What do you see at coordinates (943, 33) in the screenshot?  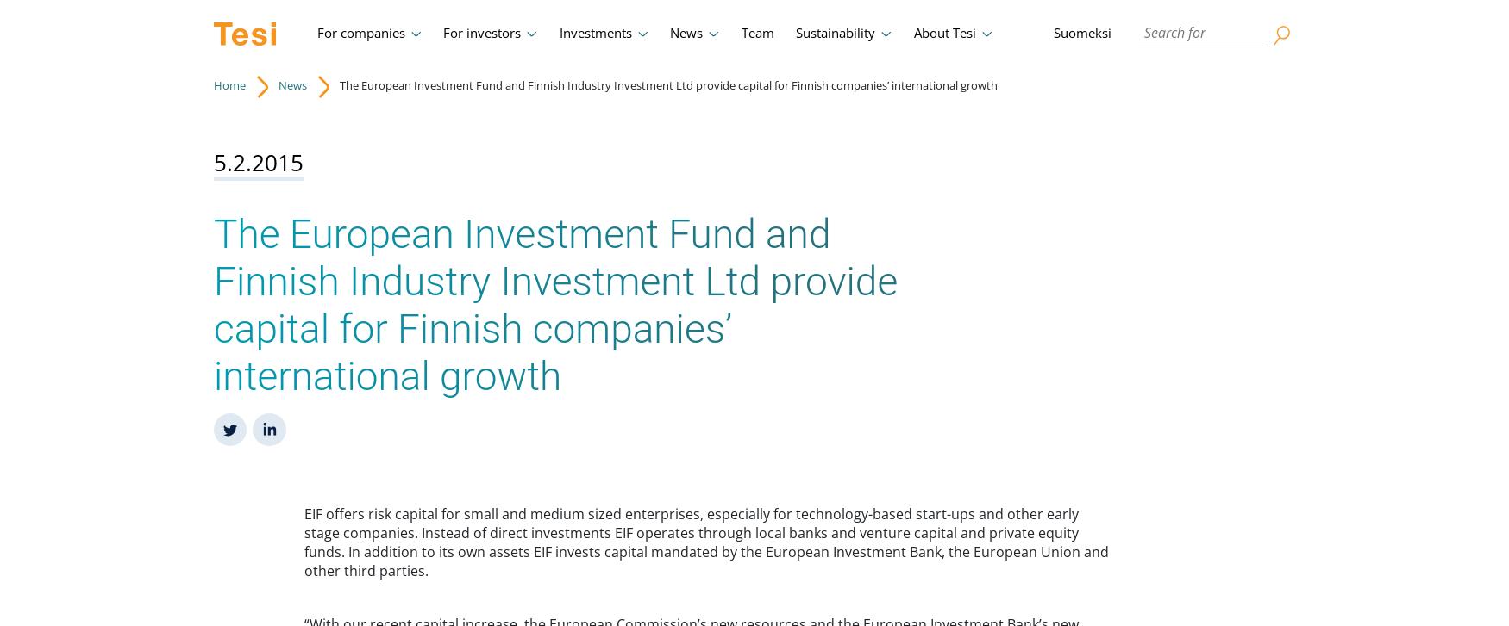 I see `'About Tesi'` at bounding box center [943, 33].